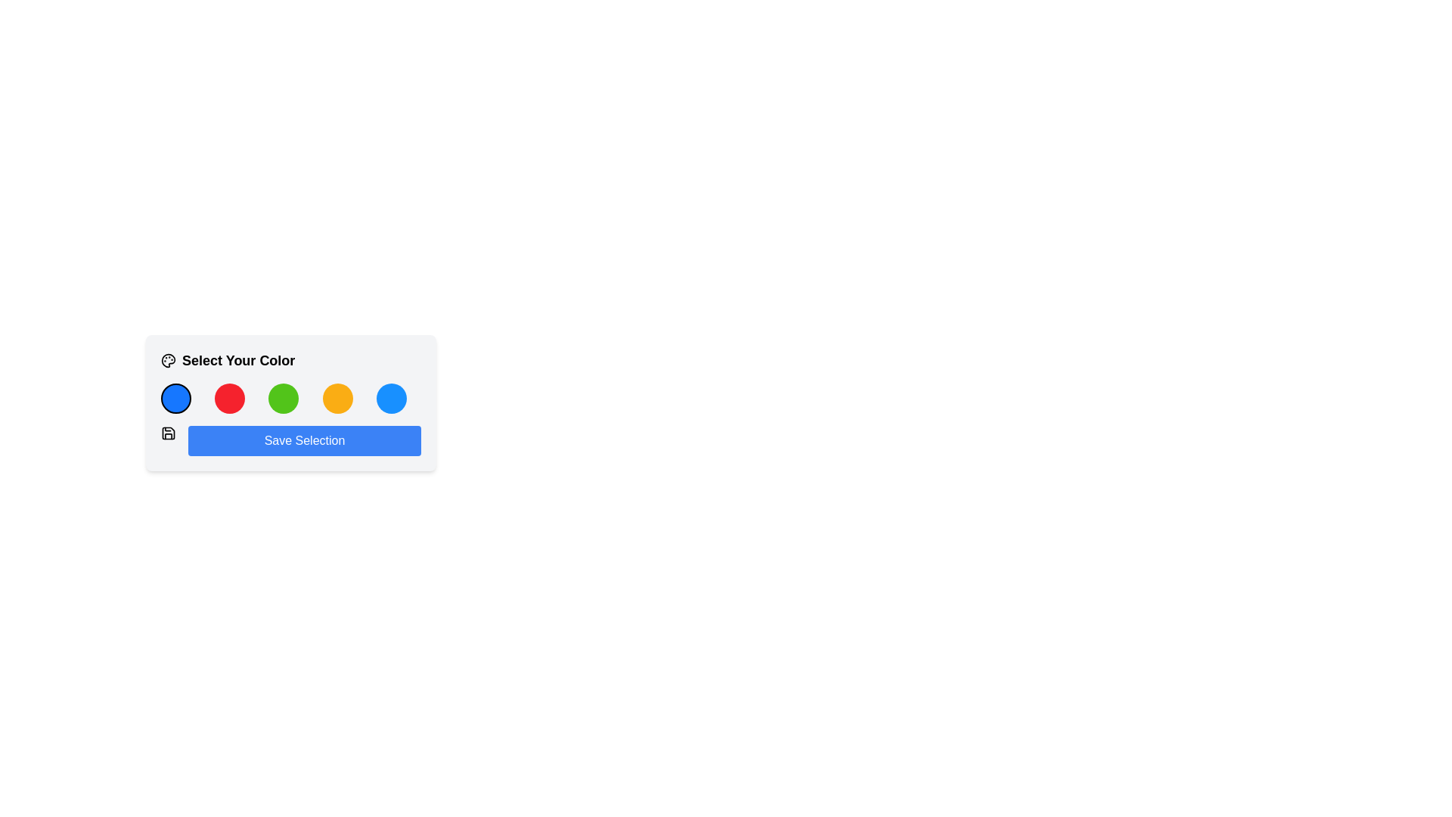 The height and width of the screenshot is (817, 1452). What do you see at coordinates (290, 361) in the screenshot?
I see `the Text Content with Icon element that has the header 'Select Your Color' and an adjacent palette icon` at bounding box center [290, 361].